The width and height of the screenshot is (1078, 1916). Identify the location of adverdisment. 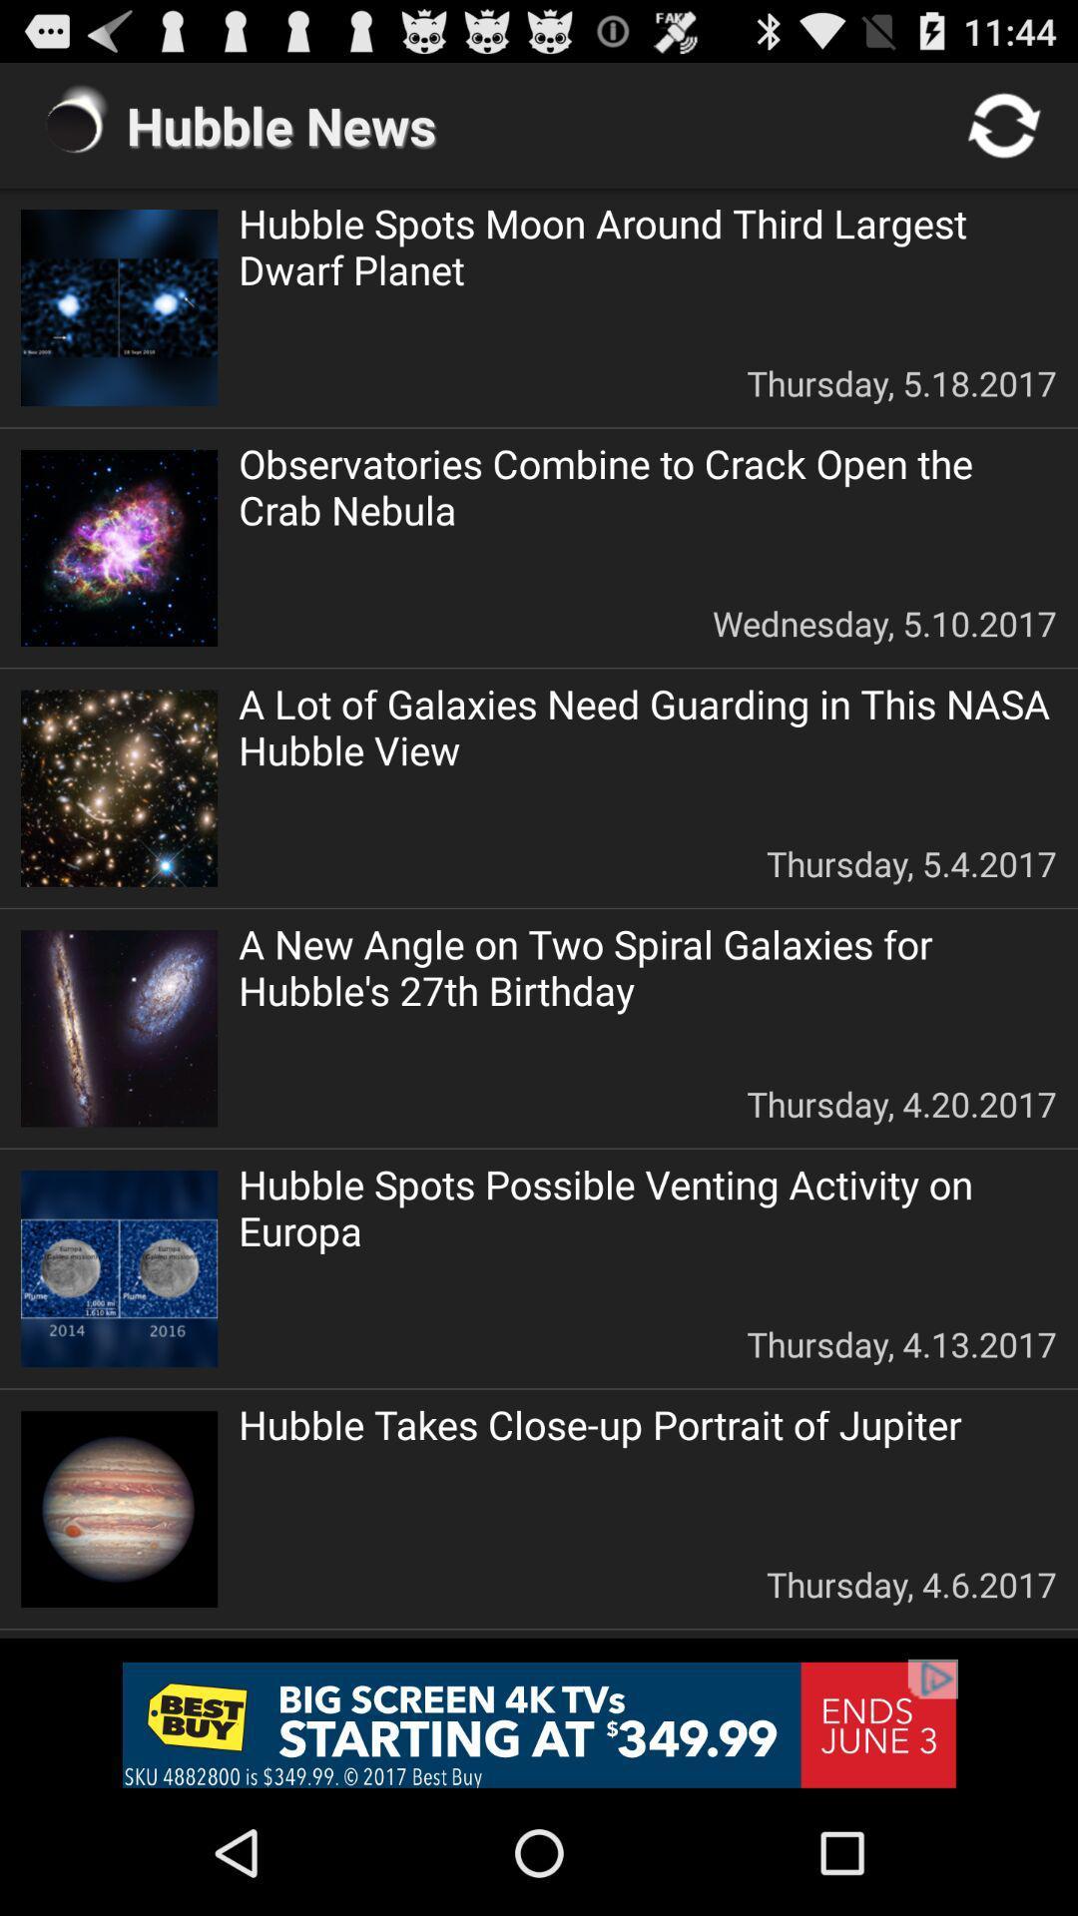
(539, 1723).